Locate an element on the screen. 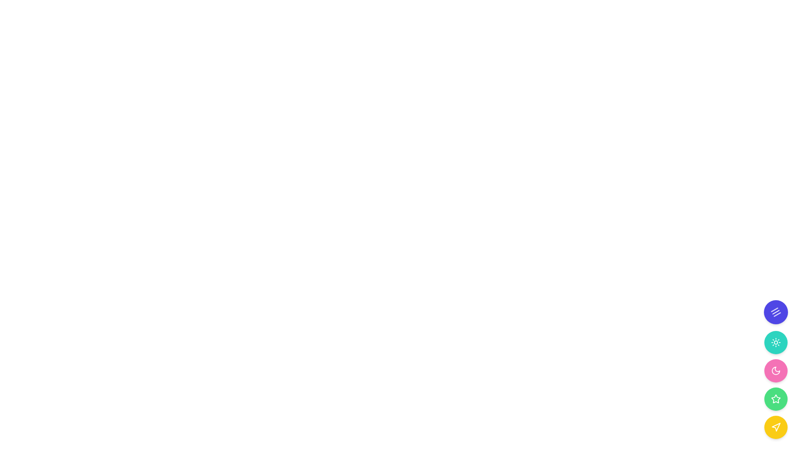 This screenshot has height=449, width=798. the fourth button from the top in a vertical group of round buttons on the right-hand edge of the interface, which features a star icon is located at coordinates (776, 399).